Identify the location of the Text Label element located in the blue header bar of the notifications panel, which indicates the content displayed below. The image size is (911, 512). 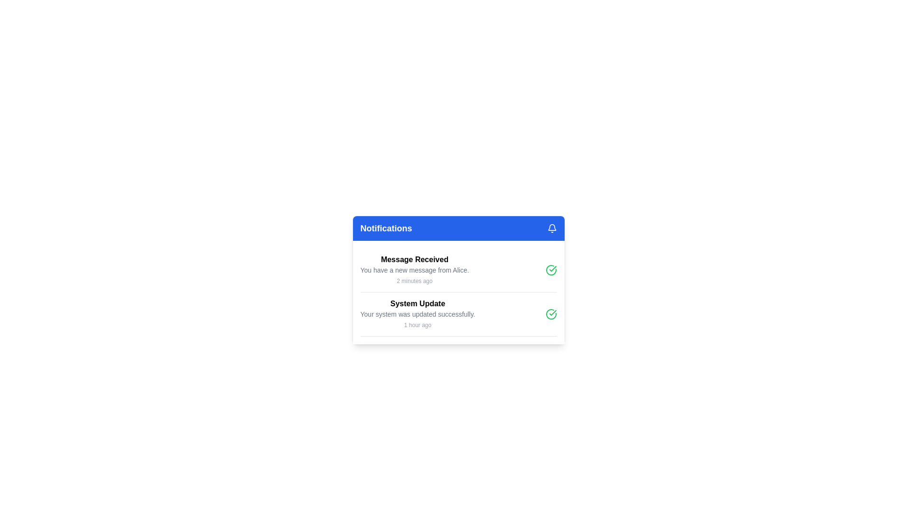
(386, 229).